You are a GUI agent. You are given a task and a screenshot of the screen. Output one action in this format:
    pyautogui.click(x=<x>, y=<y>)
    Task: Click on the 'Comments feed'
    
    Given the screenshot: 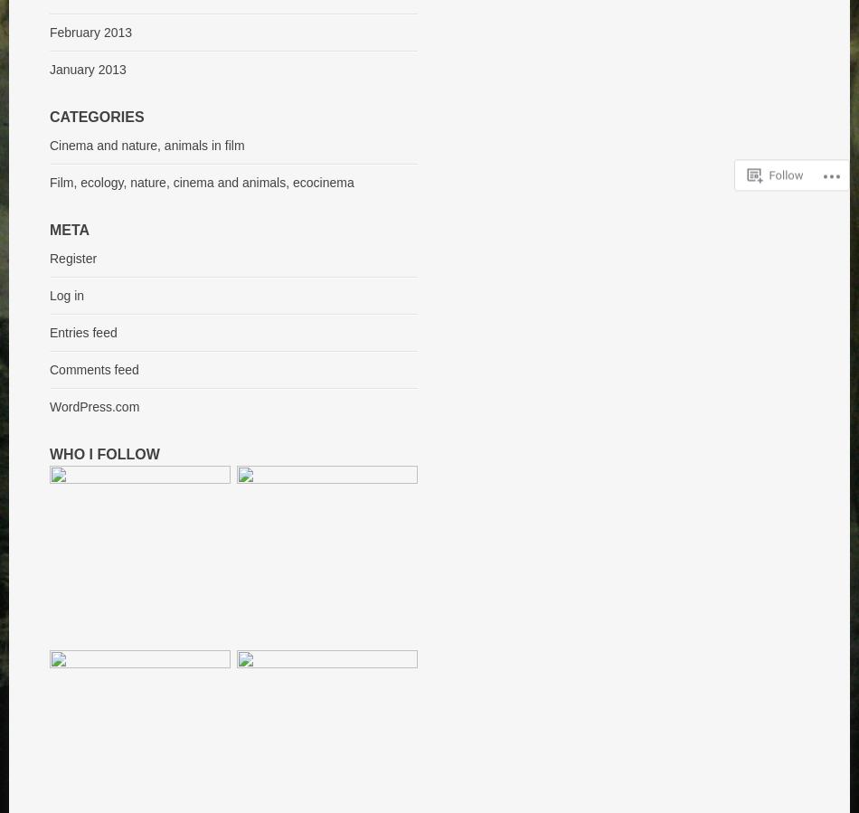 What is the action you would take?
    pyautogui.click(x=50, y=368)
    